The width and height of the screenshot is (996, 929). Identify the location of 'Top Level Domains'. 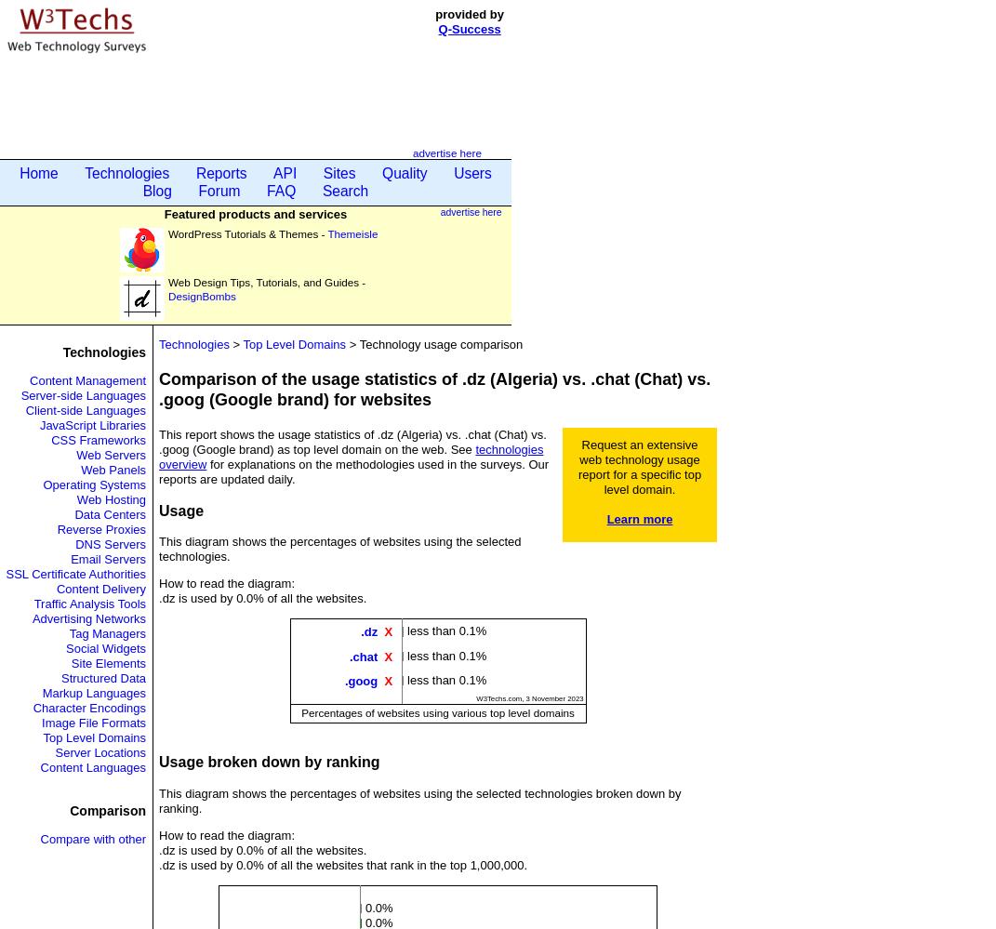
(42, 737).